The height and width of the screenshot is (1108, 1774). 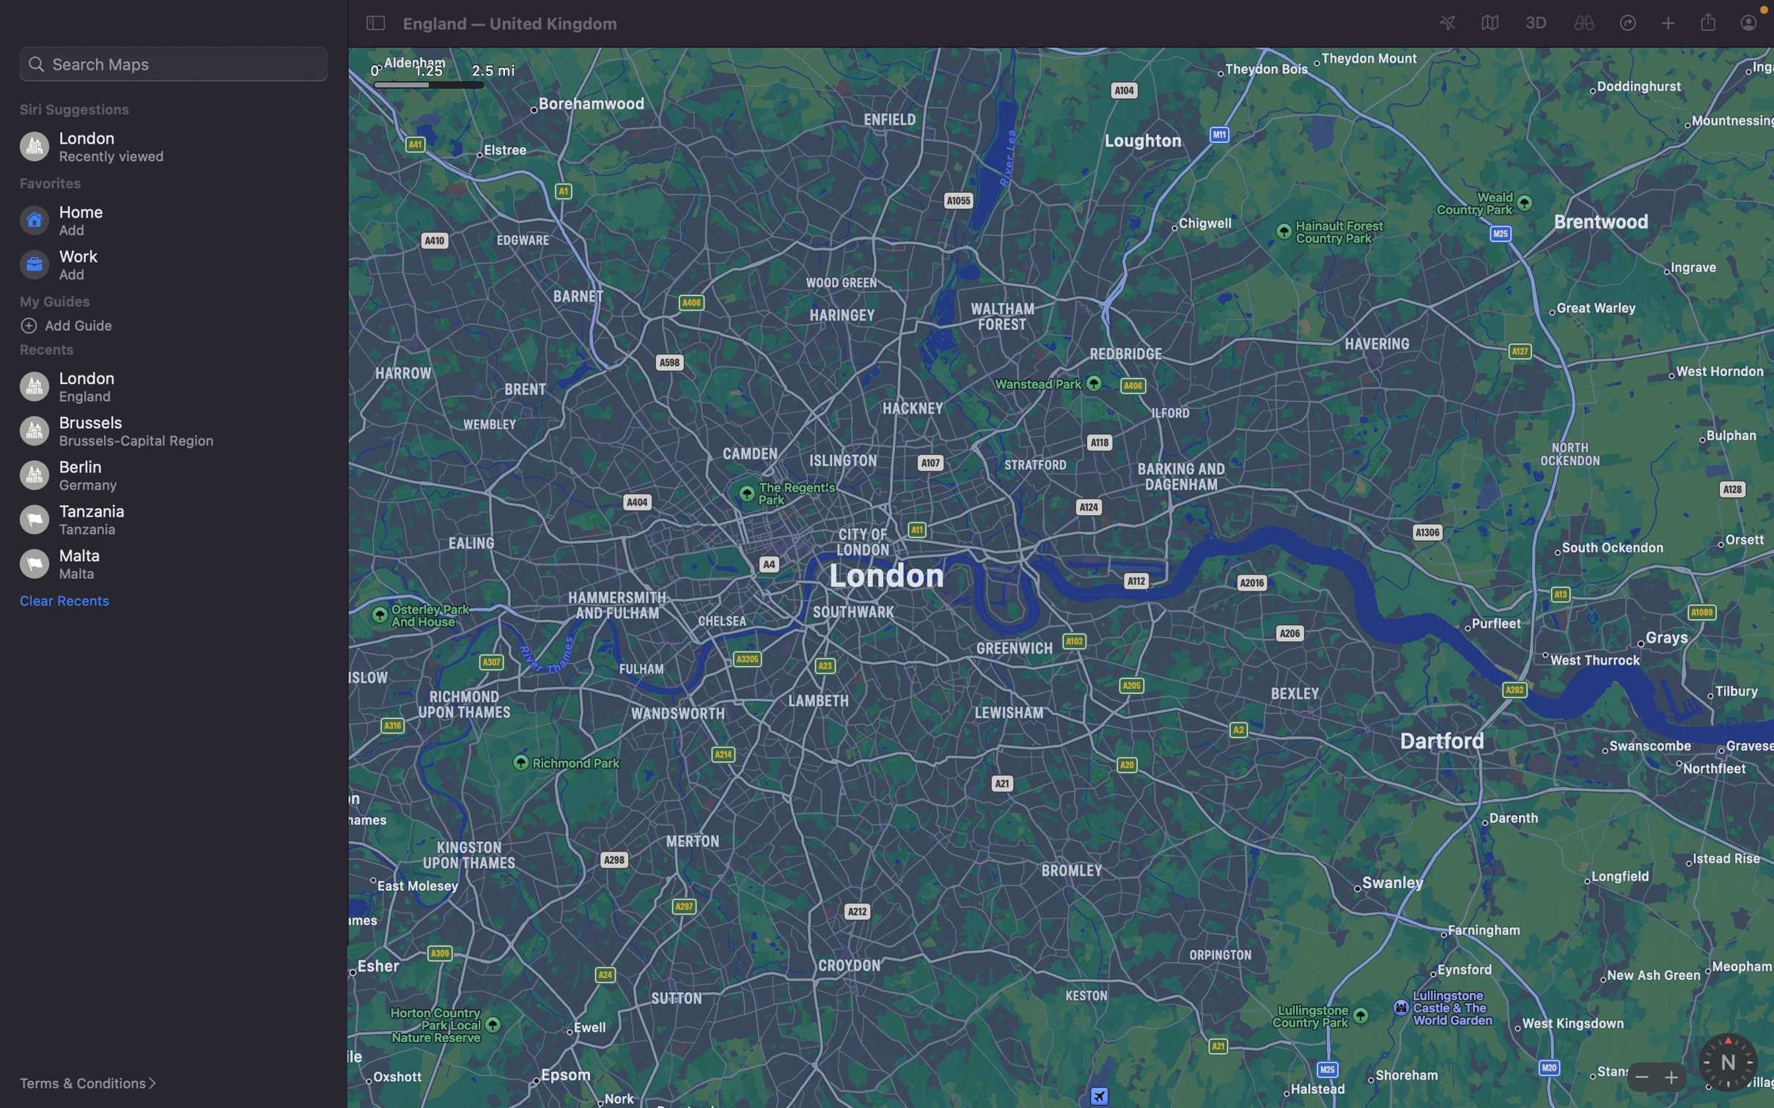 I want to click on Change the current map display to satellite view, so click(x=1487, y=23).